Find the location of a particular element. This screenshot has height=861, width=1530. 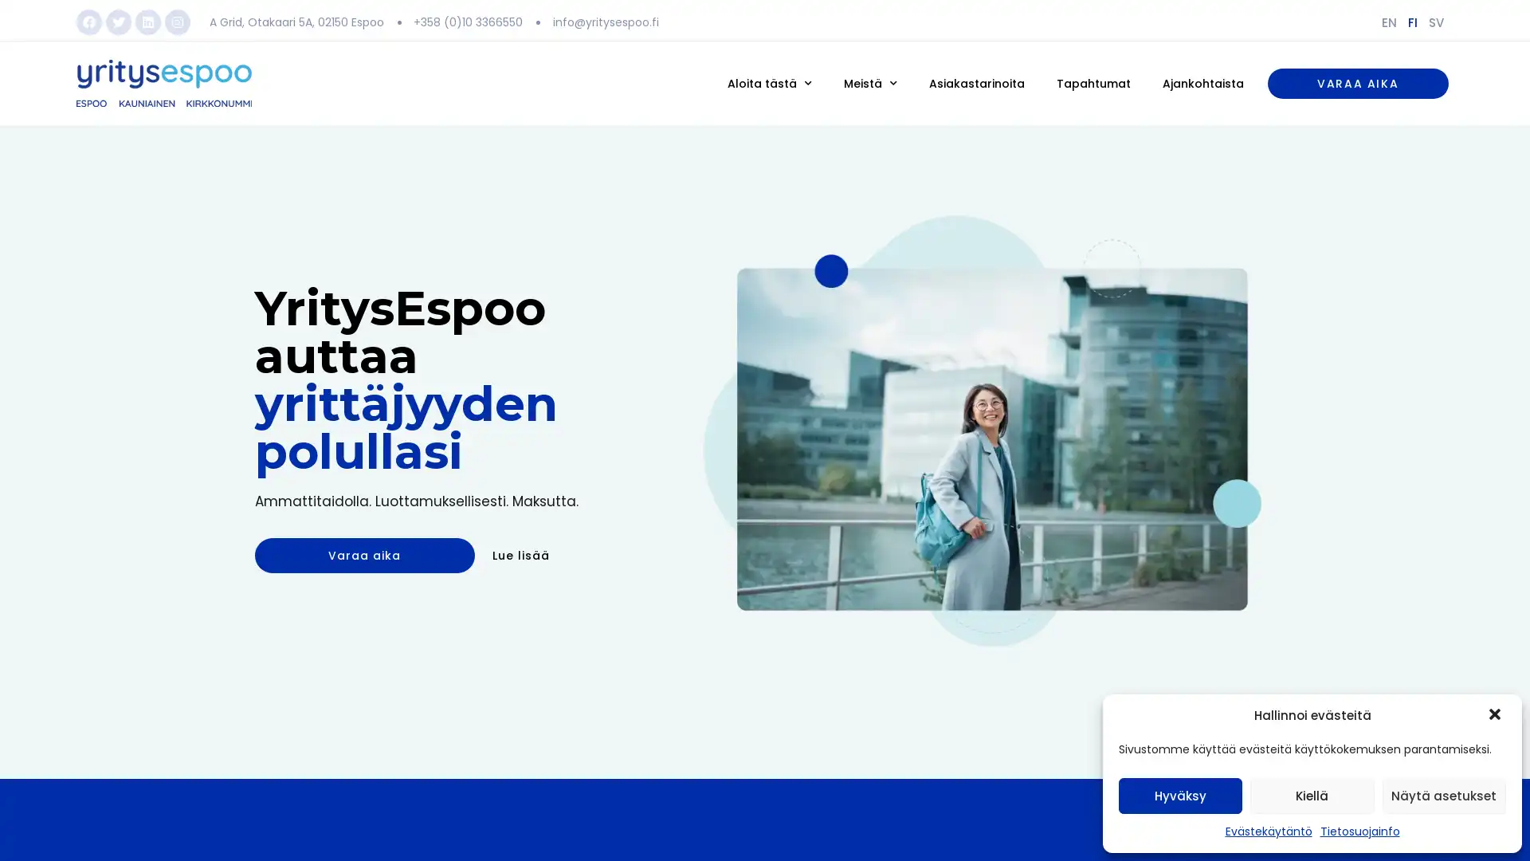

Nayta asetukset is located at coordinates (1443, 796).